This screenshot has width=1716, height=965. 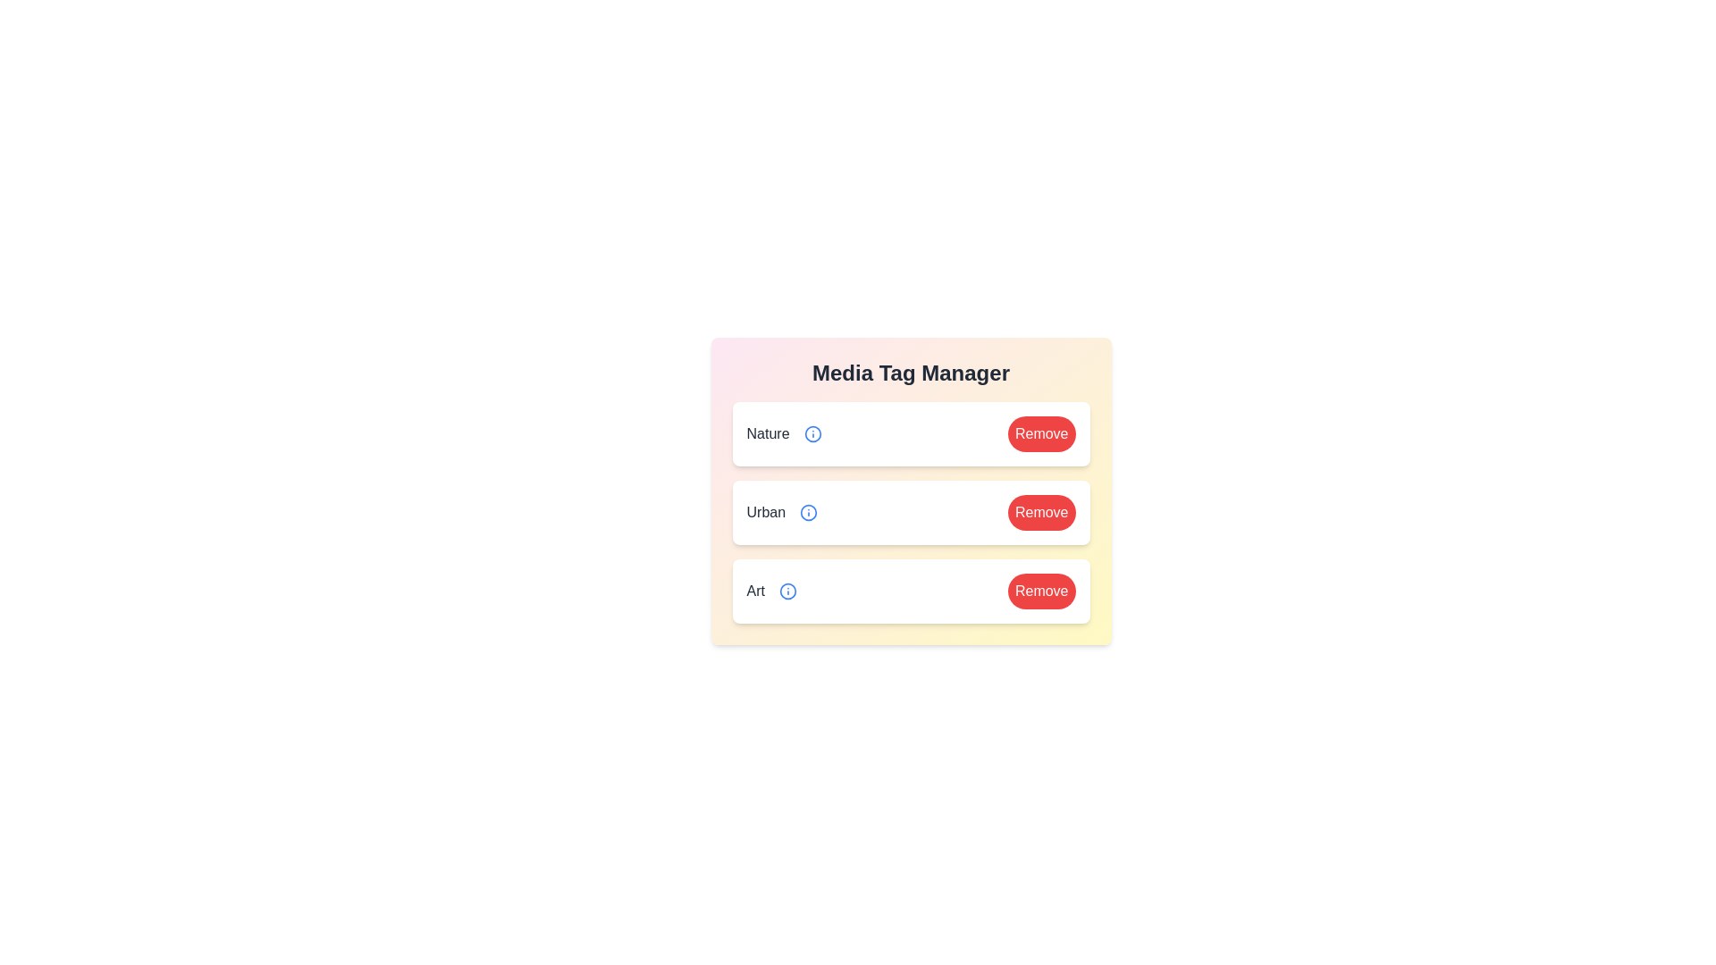 I want to click on 'Remove' button for the tag Nature, so click(x=1041, y=434).